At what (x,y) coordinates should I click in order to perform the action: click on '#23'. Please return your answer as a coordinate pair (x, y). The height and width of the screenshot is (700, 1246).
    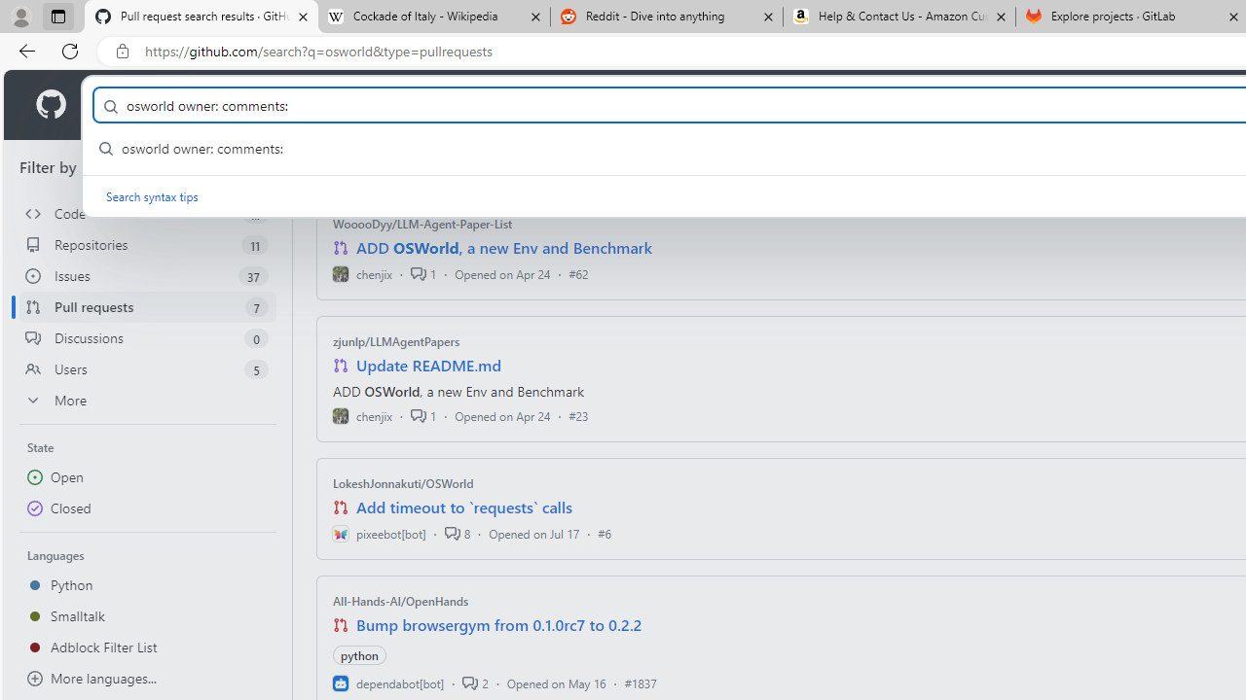
    Looking at the image, I should click on (577, 414).